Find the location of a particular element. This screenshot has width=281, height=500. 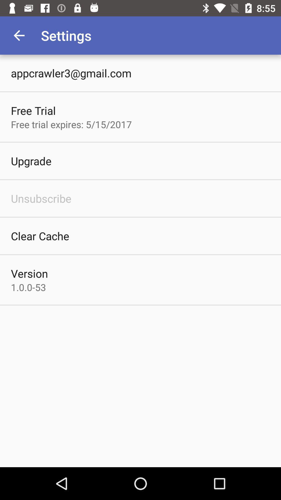

the item above the free trial item is located at coordinates (71, 73).